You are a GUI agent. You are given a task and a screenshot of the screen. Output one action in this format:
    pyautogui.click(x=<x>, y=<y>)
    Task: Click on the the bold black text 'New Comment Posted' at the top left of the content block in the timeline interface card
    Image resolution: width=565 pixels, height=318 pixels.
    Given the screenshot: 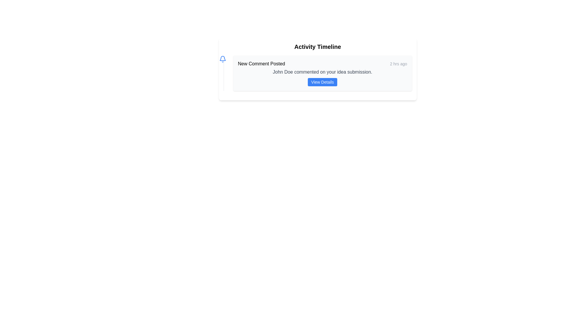 What is the action you would take?
    pyautogui.click(x=261, y=64)
    